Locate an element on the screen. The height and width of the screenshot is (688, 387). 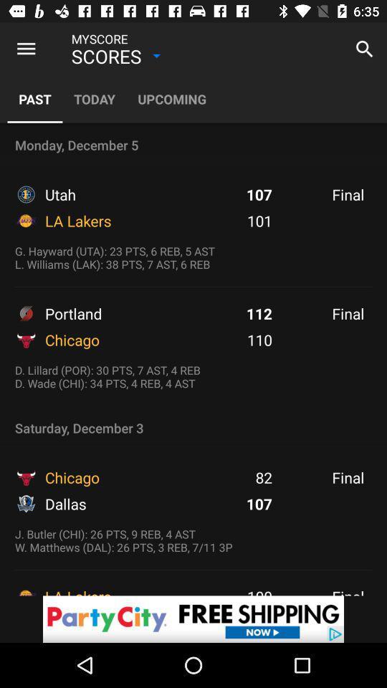
the icon beside utah is located at coordinates (26, 193).